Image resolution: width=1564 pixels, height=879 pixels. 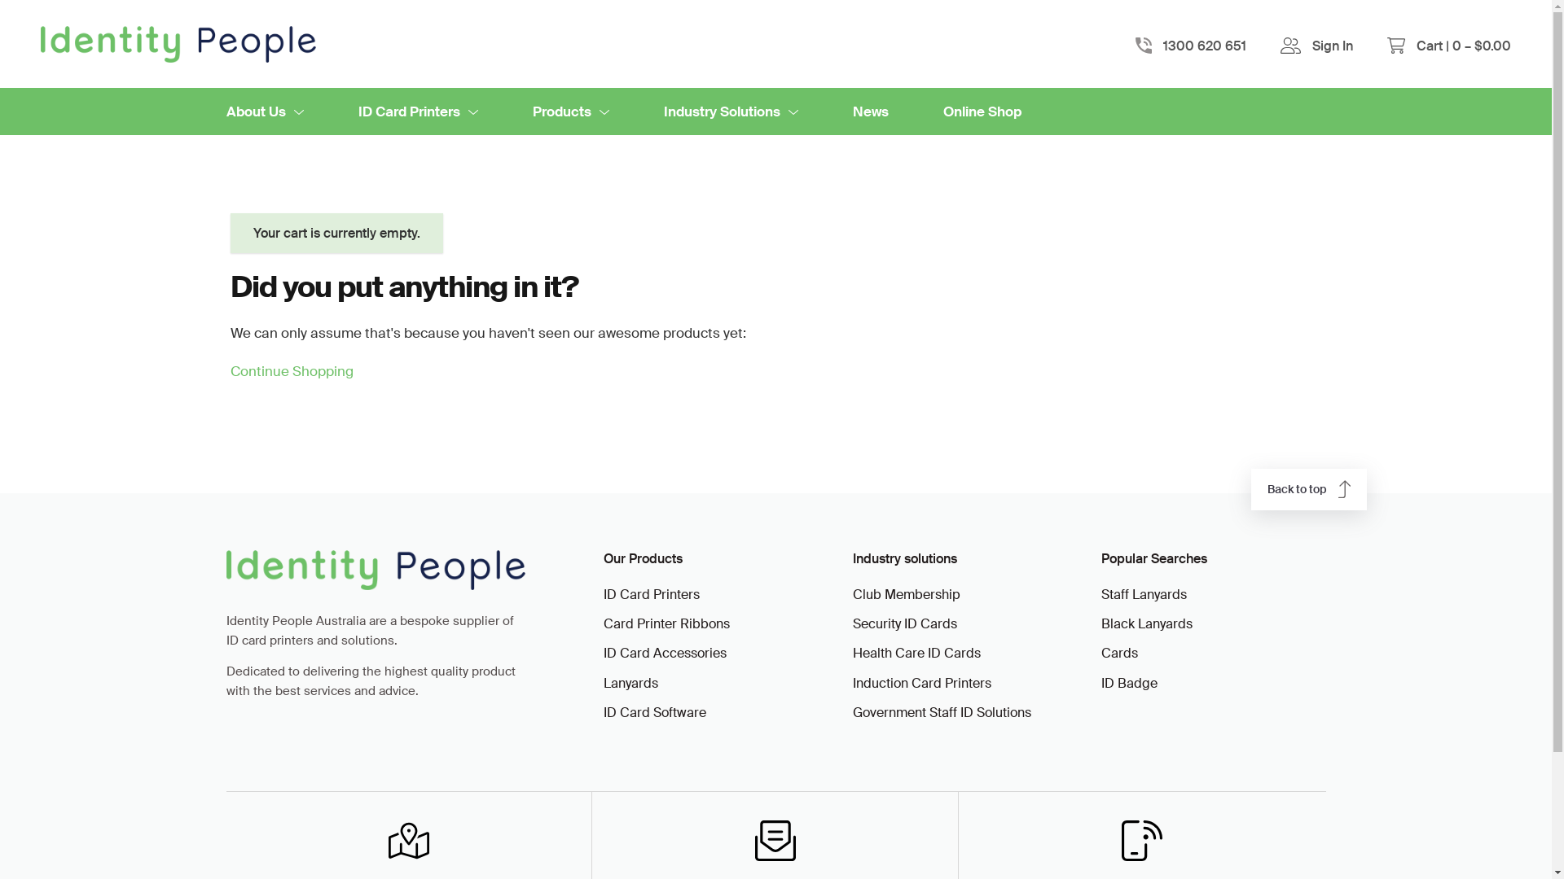 What do you see at coordinates (711, 711) in the screenshot?
I see `'ID Card Software'` at bounding box center [711, 711].